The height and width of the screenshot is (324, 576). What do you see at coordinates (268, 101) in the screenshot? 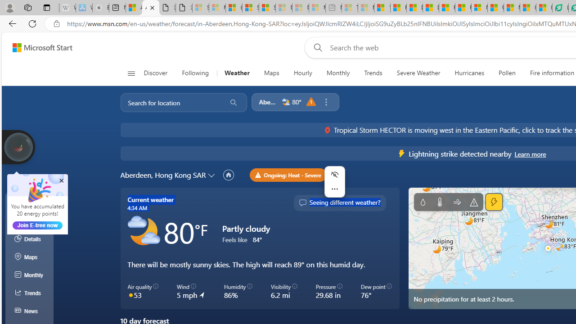
I see `'Aberdeen'` at bounding box center [268, 101].